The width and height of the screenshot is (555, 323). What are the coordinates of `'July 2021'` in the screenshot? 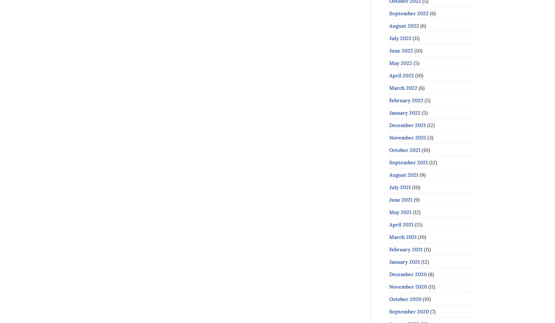 It's located at (399, 186).